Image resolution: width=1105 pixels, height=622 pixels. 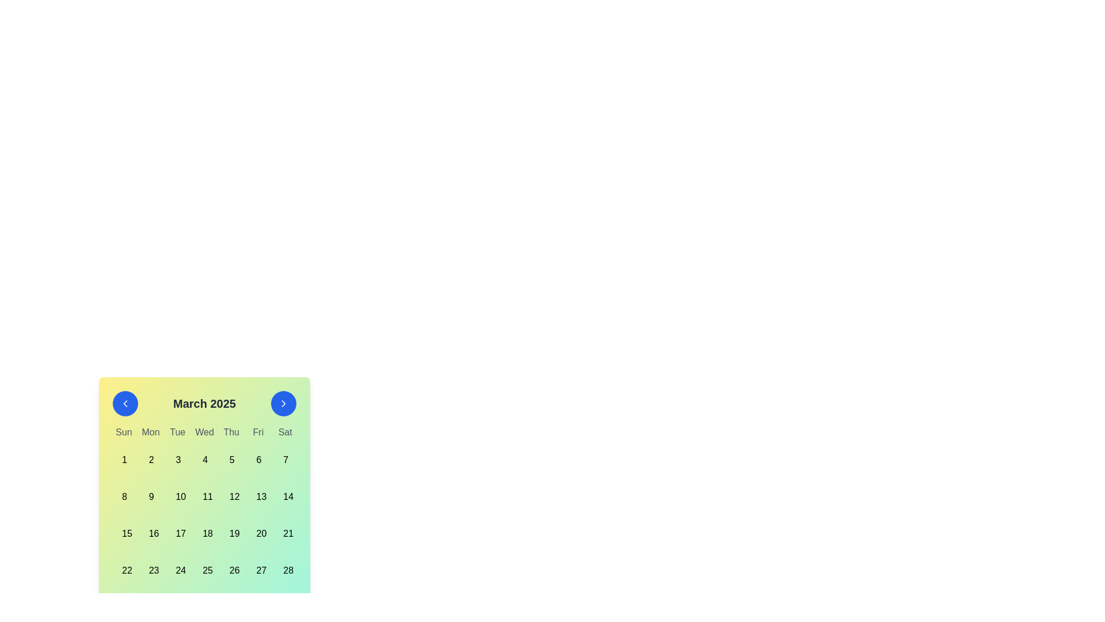 I want to click on the left-facing arrow icon in the top-left corner of the calendar, so click(x=125, y=403).